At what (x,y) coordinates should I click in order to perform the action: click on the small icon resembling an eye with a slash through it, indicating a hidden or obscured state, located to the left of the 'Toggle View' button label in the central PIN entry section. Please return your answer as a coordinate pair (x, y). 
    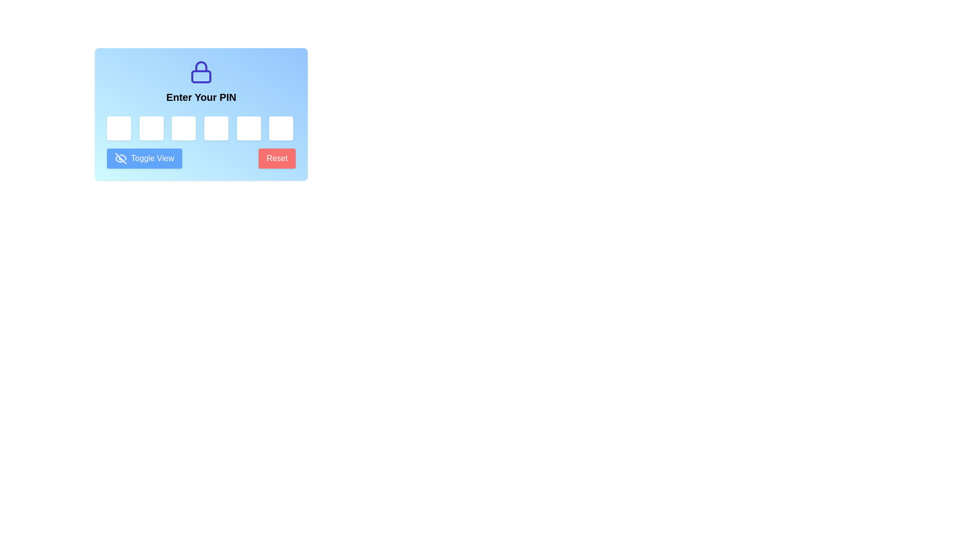
    Looking at the image, I should click on (120, 158).